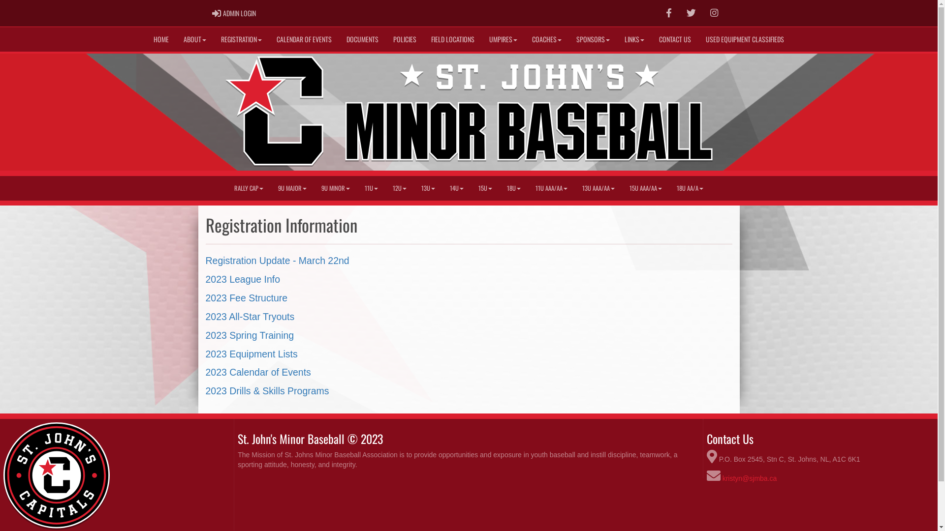 This screenshot has width=945, height=531. I want to click on 'Twitter', so click(691, 13).